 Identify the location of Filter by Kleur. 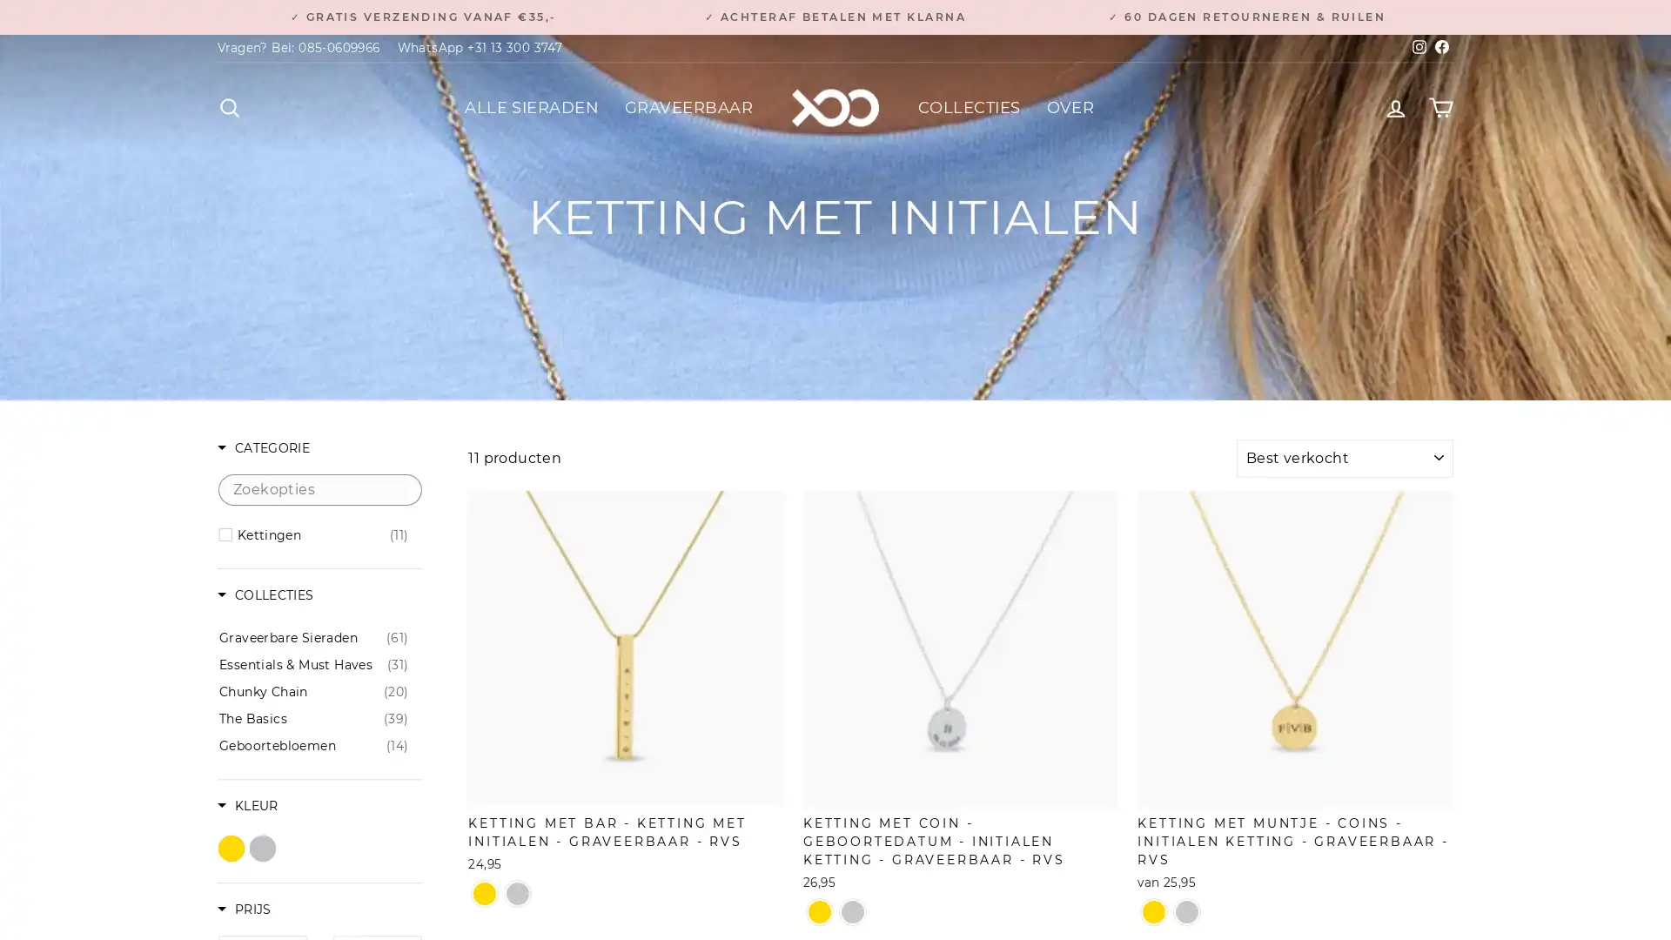
(246, 807).